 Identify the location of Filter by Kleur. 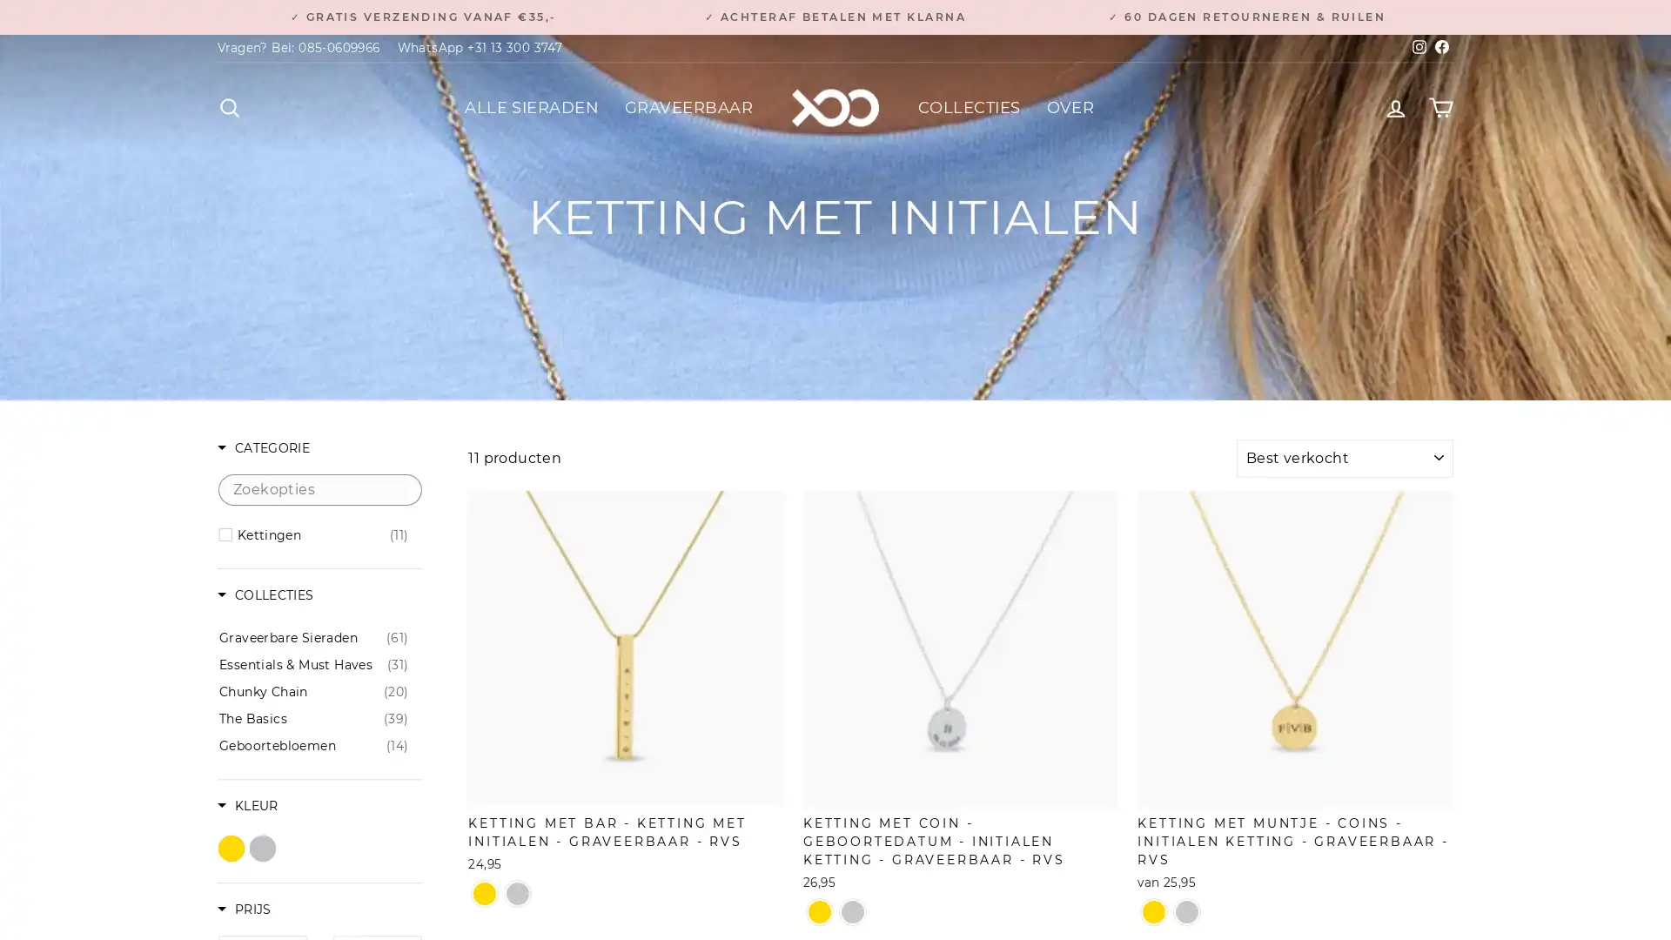
(246, 807).